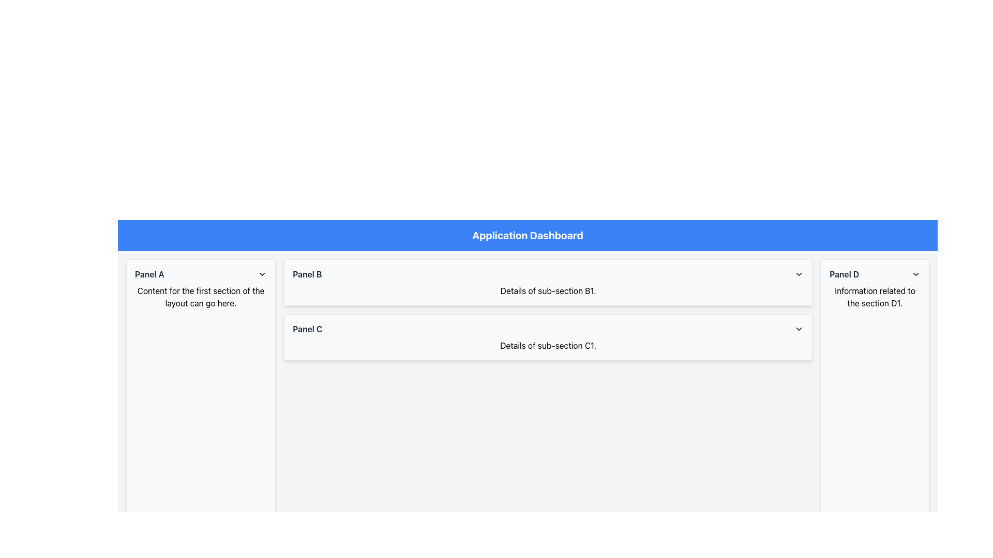 Image resolution: width=993 pixels, height=558 pixels. Describe the element at coordinates (528, 235) in the screenshot. I see `label of the header element that has a blue background and displays the text 'Application Dashboard' prominently at the top of the layout` at that location.